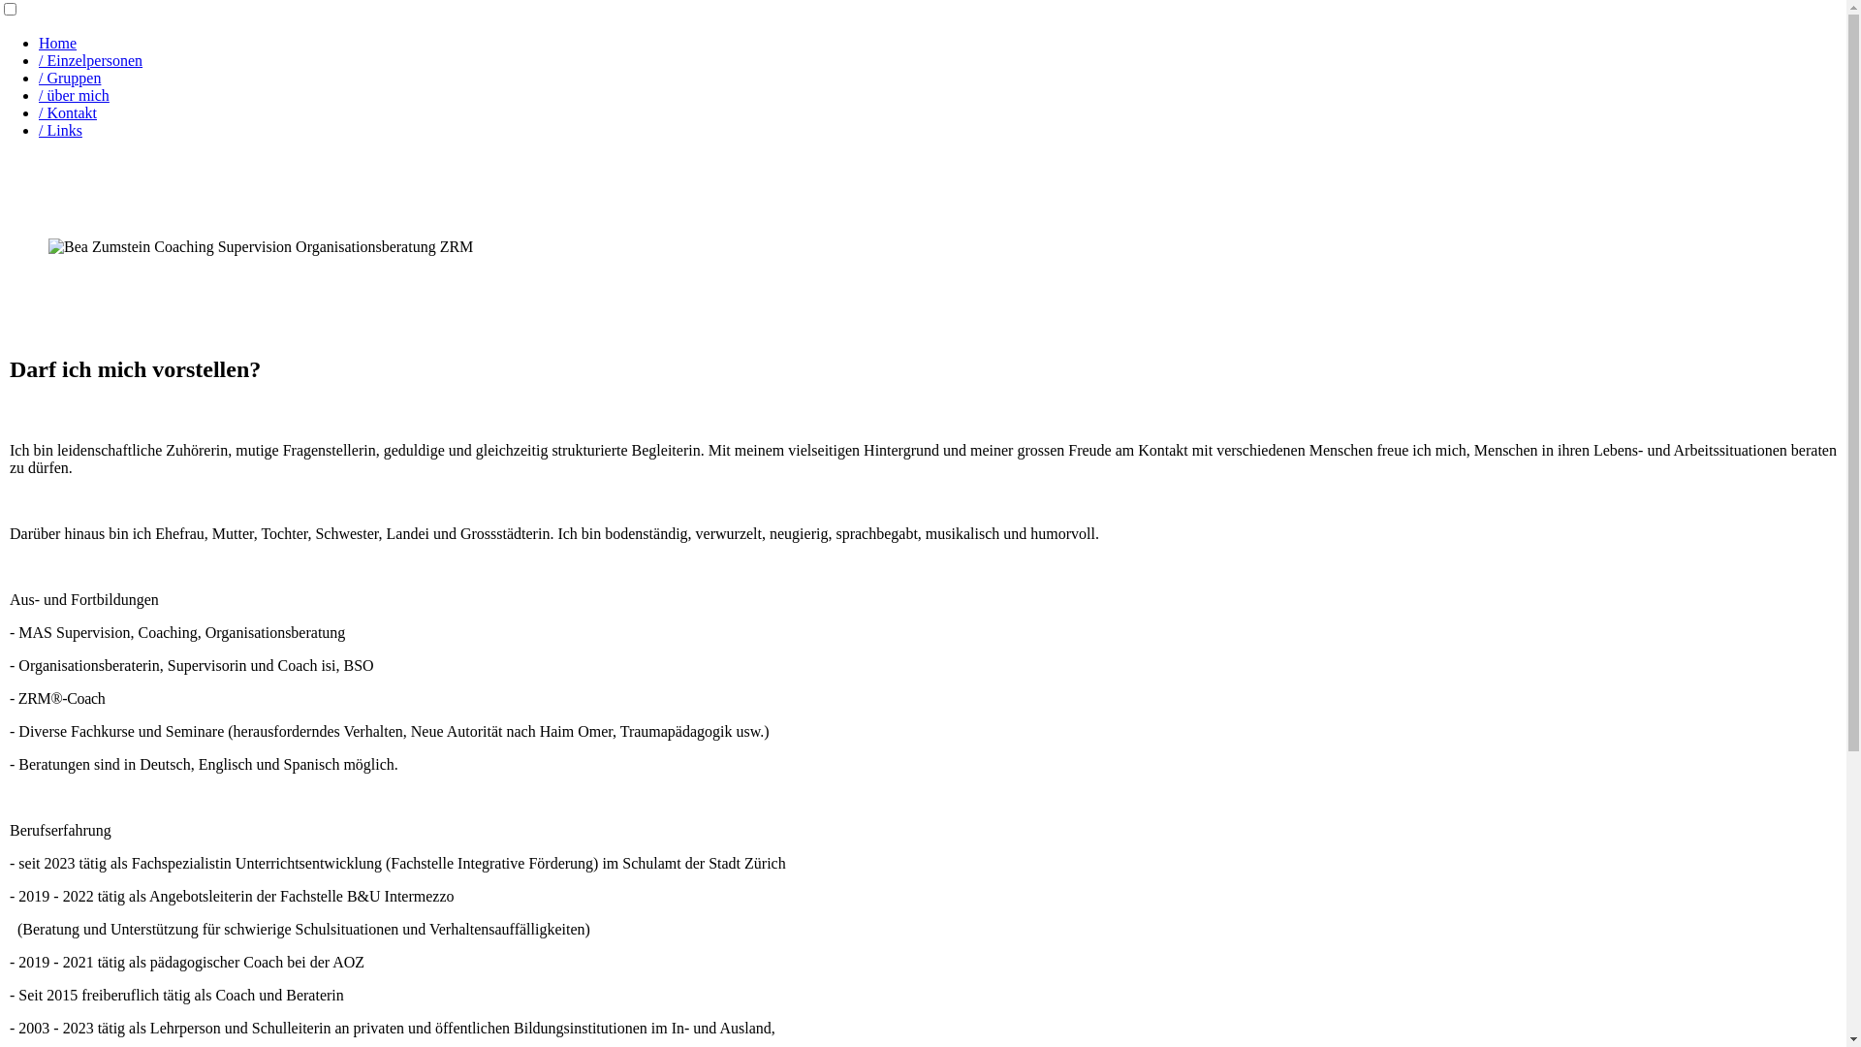  What do you see at coordinates (70, 77) in the screenshot?
I see `'/ Gruppen'` at bounding box center [70, 77].